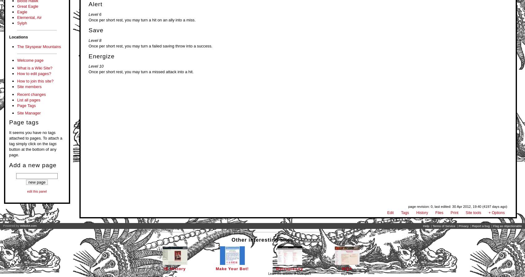 The height and width of the screenshot is (277, 525). I want to click on 'Terms of Service', so click(433, 226).